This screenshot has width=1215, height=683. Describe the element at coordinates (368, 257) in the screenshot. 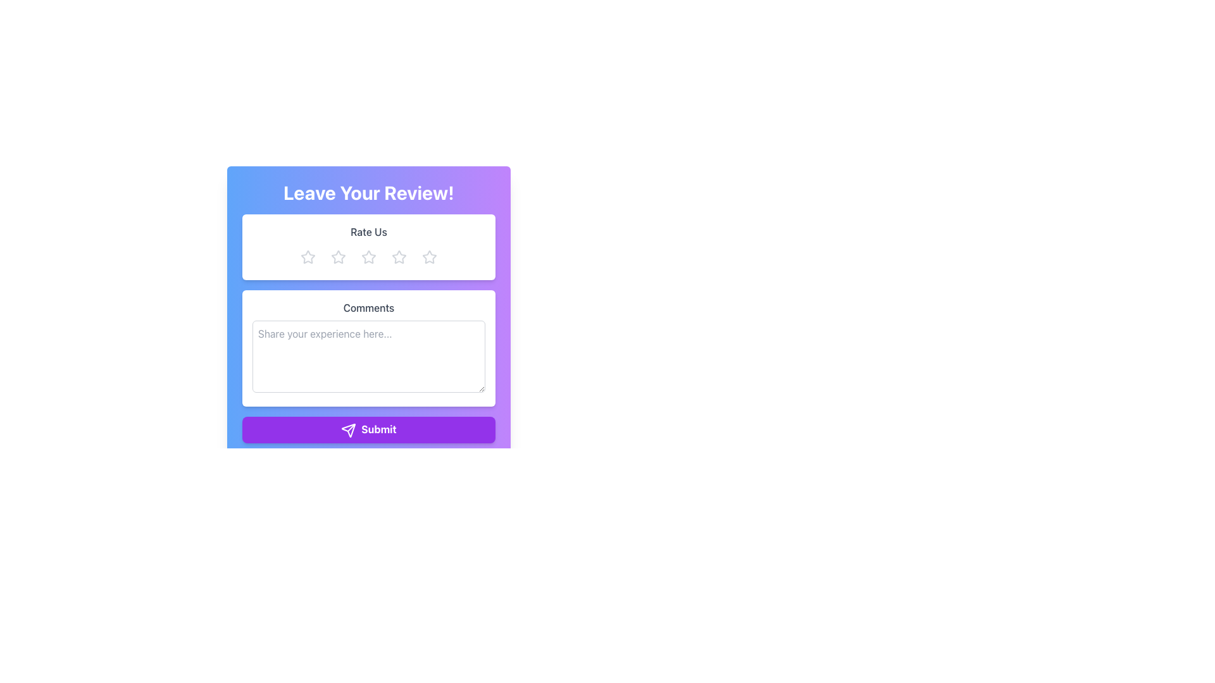

I see `the third star in the 'Rate Us' section of the review submission interface` at that location.